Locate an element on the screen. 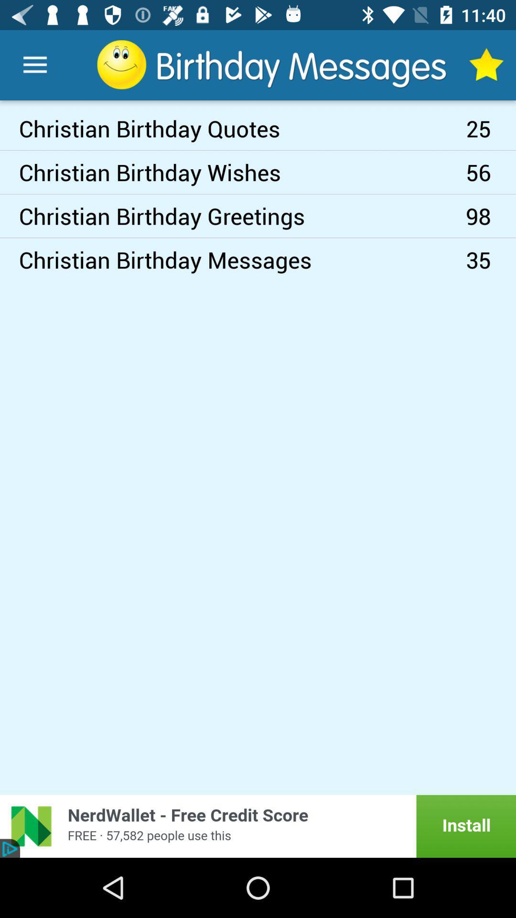 This screenshot has height=918, width=516. the icon below the 56 icon is located at coordinates (491, 215).